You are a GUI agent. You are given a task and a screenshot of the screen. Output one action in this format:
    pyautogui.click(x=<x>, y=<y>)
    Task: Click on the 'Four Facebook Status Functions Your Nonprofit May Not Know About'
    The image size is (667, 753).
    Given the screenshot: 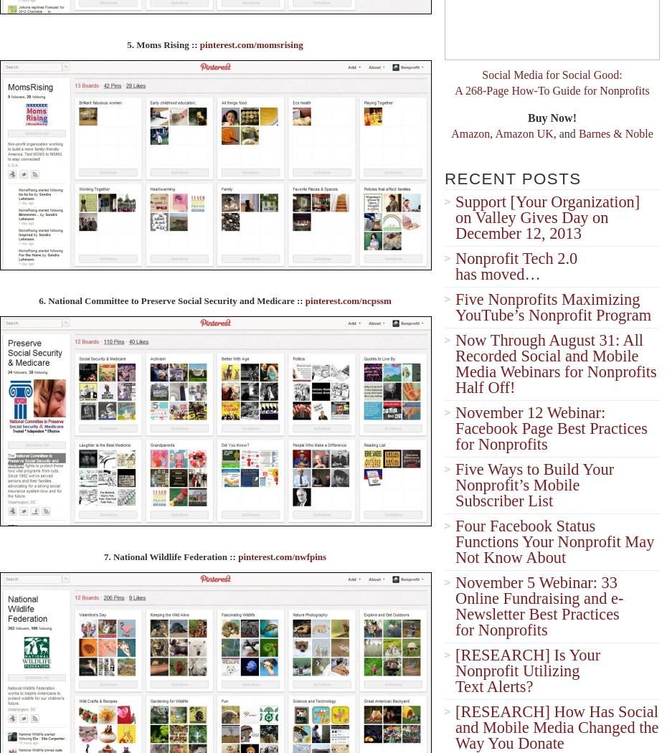 What is the action you would take?
    pyautogui.click(x=554, y=541)
    